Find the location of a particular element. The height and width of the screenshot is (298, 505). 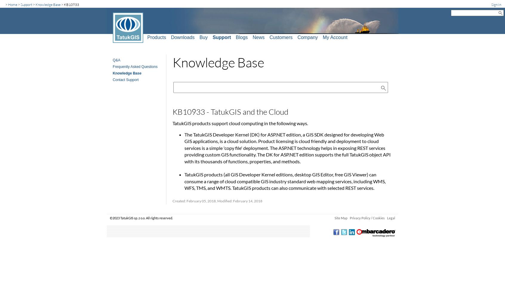

'TatukGIS products (all GIS Developer Kernel editions, desktop GIS Editor, free GIS Viewer) can consume a range of cloud compatible GIS industry standard web mapping services, including WMS, WFS, TMS, and WMTS. TatukGIS products can also communicate with selected REST services.' is located at coordinates (184, 181).